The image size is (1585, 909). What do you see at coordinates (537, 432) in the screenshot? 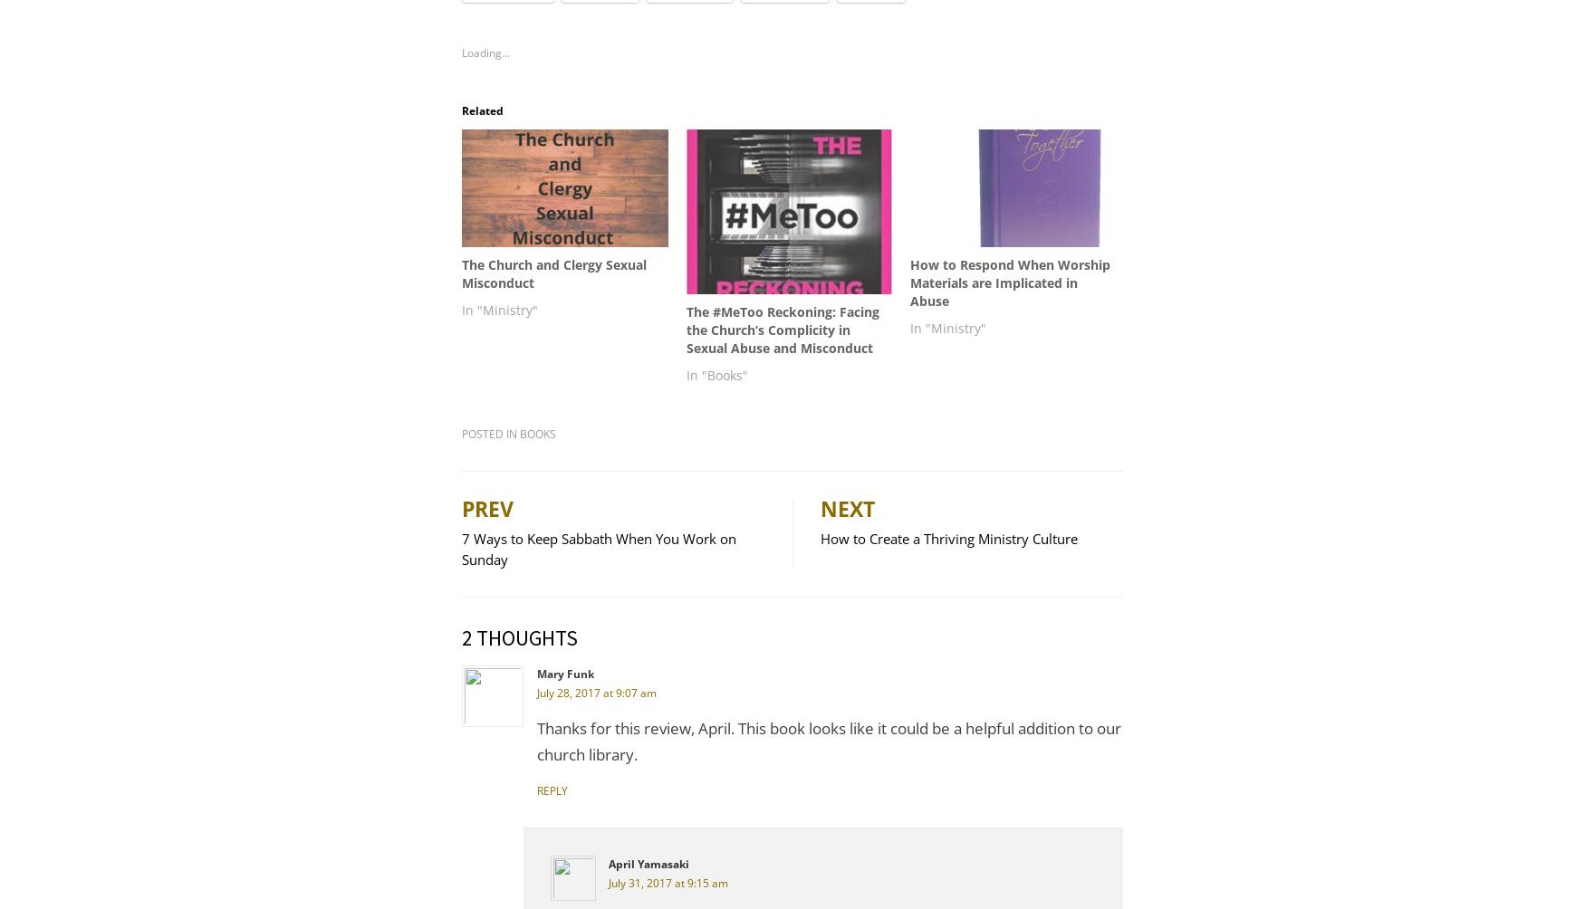
I see `'Books'` at bounding box center [537, 432].